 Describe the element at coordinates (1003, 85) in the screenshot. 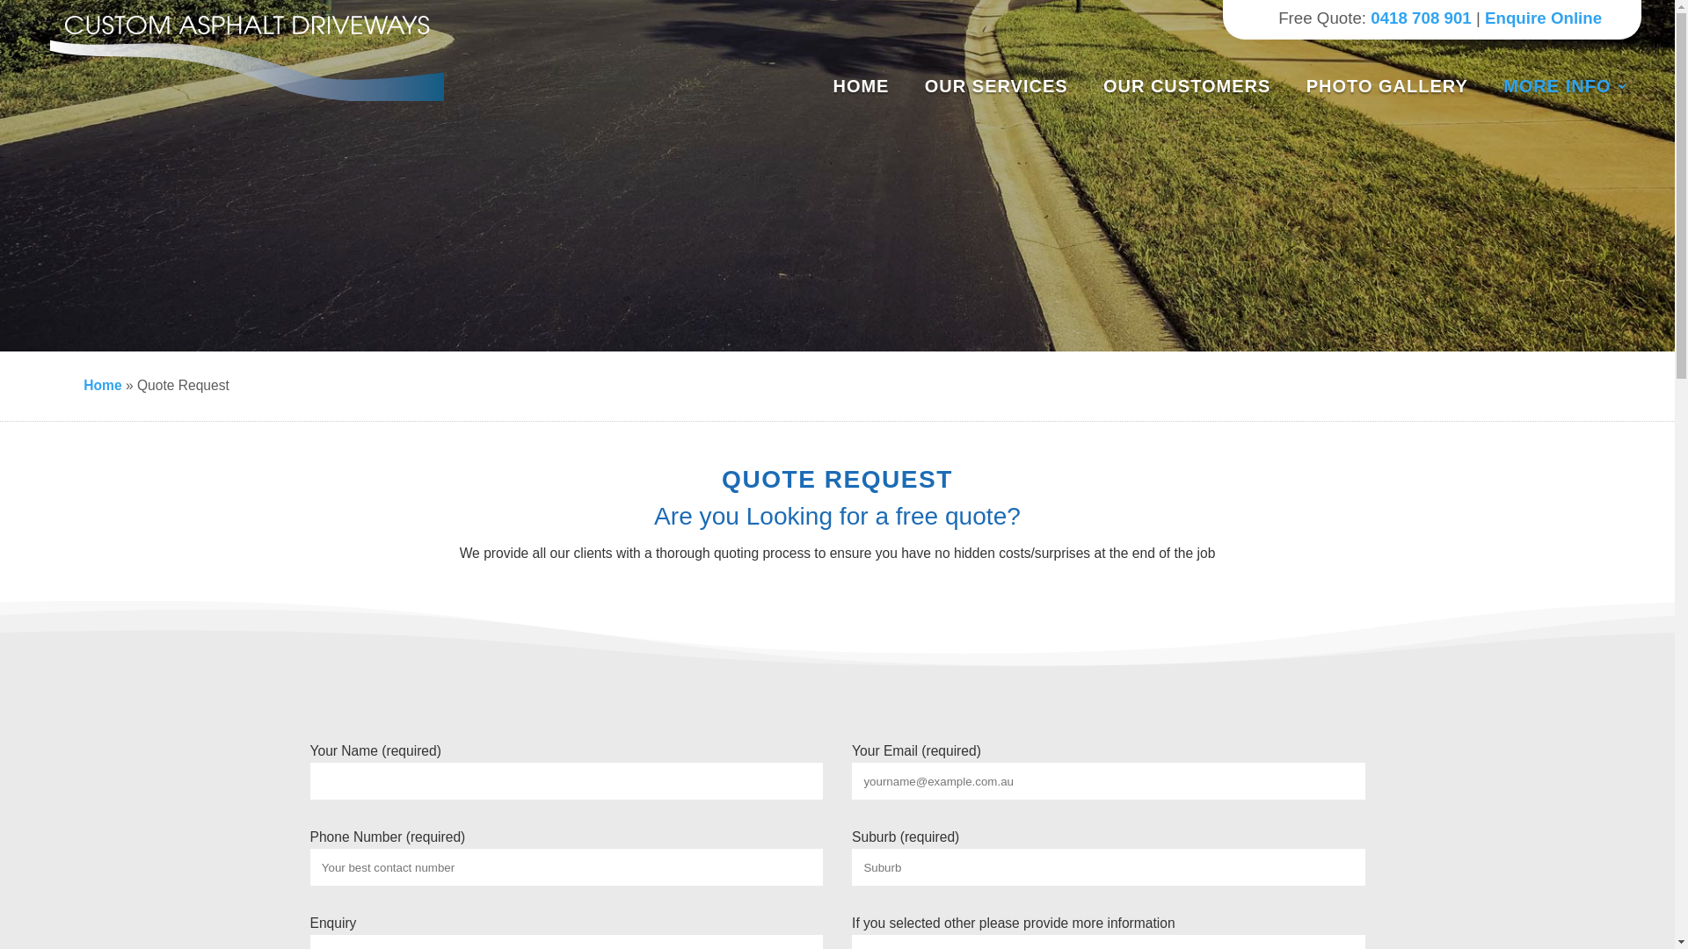

I see `'OUR SERVICES'` at that location.